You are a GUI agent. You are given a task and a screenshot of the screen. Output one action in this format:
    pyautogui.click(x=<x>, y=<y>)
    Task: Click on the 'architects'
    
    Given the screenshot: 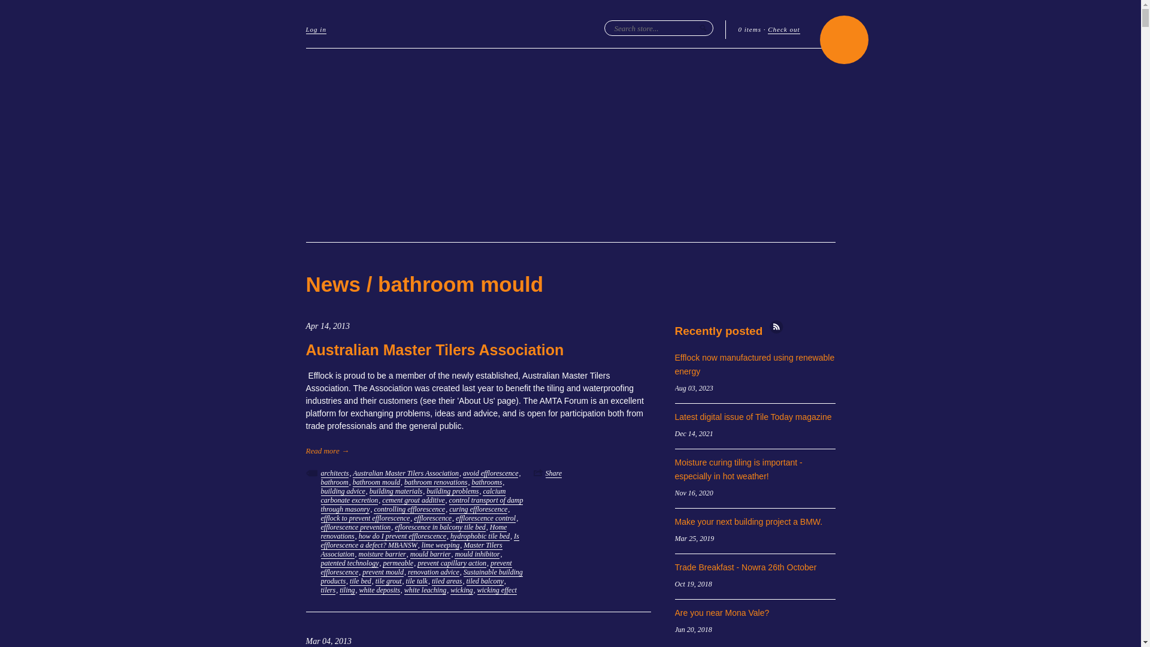 What is the action you would take?
    pyautogui.click(x=321, y=473)
    